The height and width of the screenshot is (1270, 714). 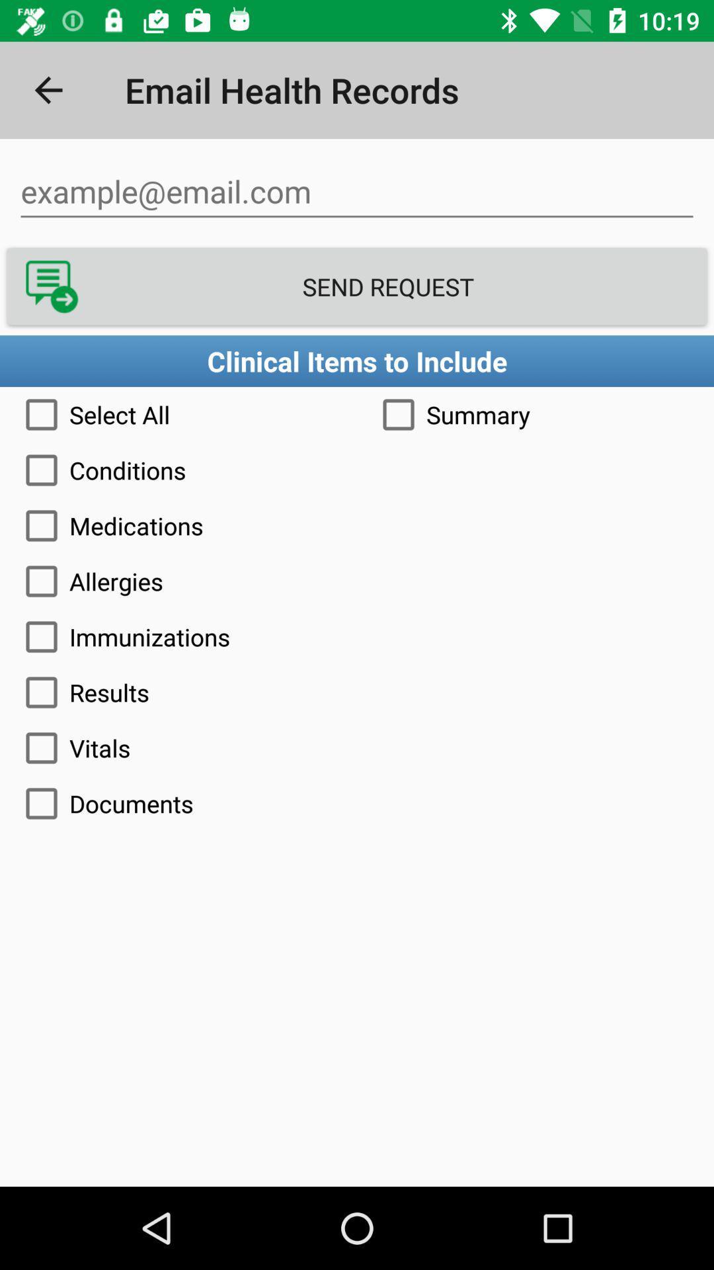 What do you see at coordinates (178, 414) in the screenshot?
I see `the item below the clinical items to icon` at bounding box center [178, 414].